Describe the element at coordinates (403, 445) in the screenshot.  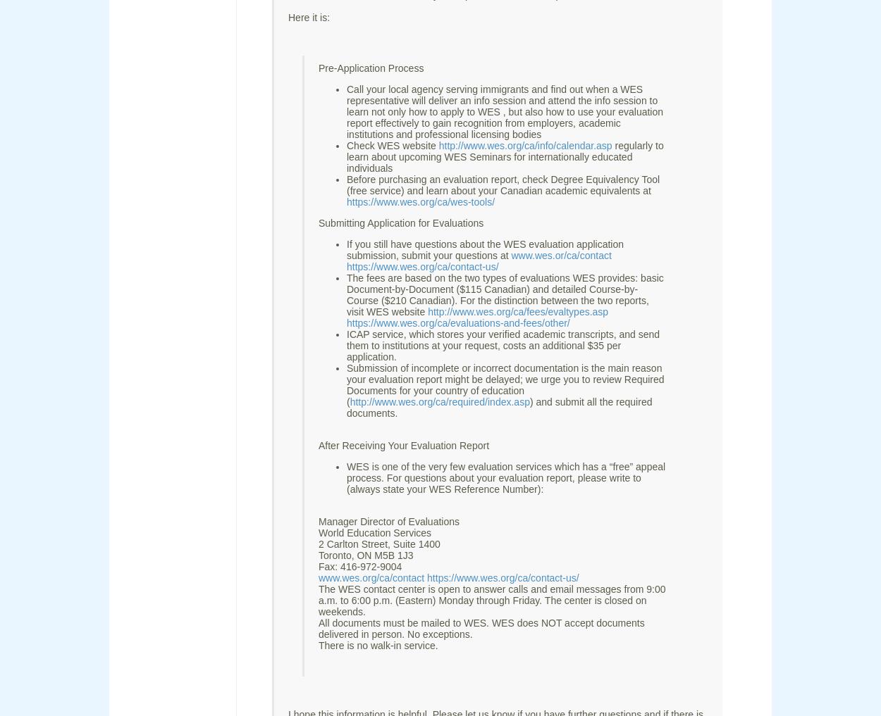
I see `'After Receiving Your Evaluation Report'` at that location.